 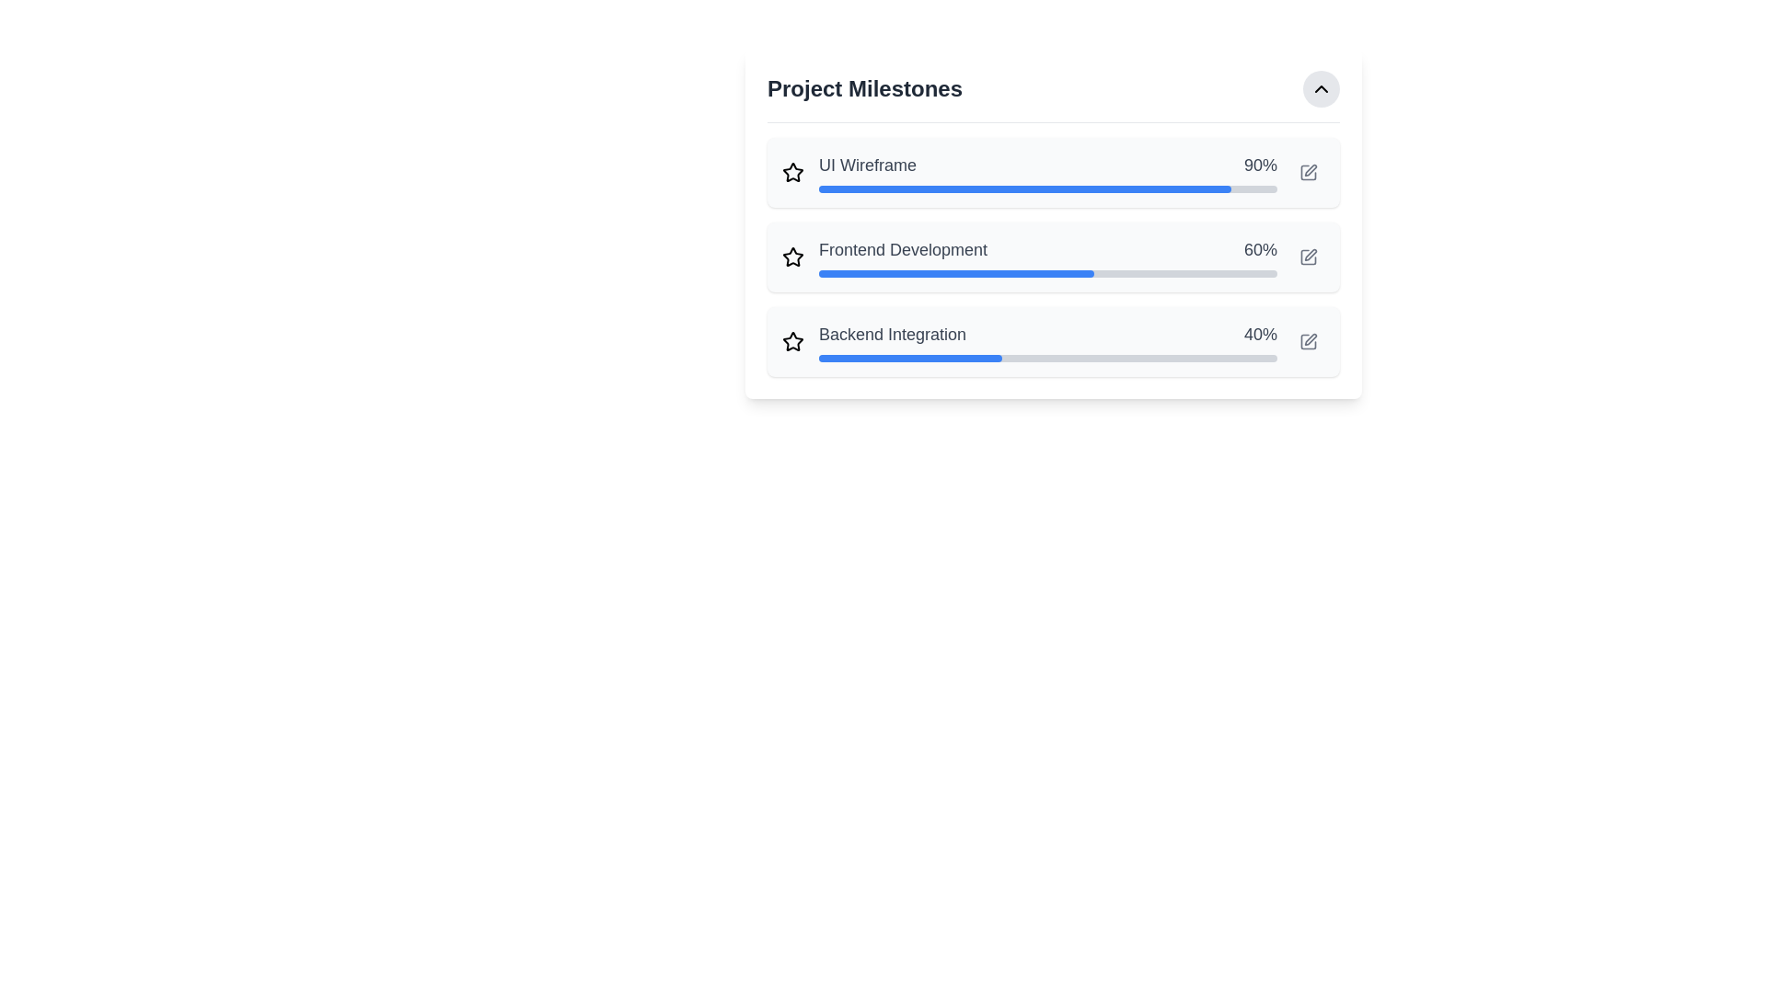 I want to click on the edit icon located on the right side of the 'Frontend Development' milestone progress bar, adjacent to the percentage label '60%', to initiate an edit action, so click(x=1310, y=255).